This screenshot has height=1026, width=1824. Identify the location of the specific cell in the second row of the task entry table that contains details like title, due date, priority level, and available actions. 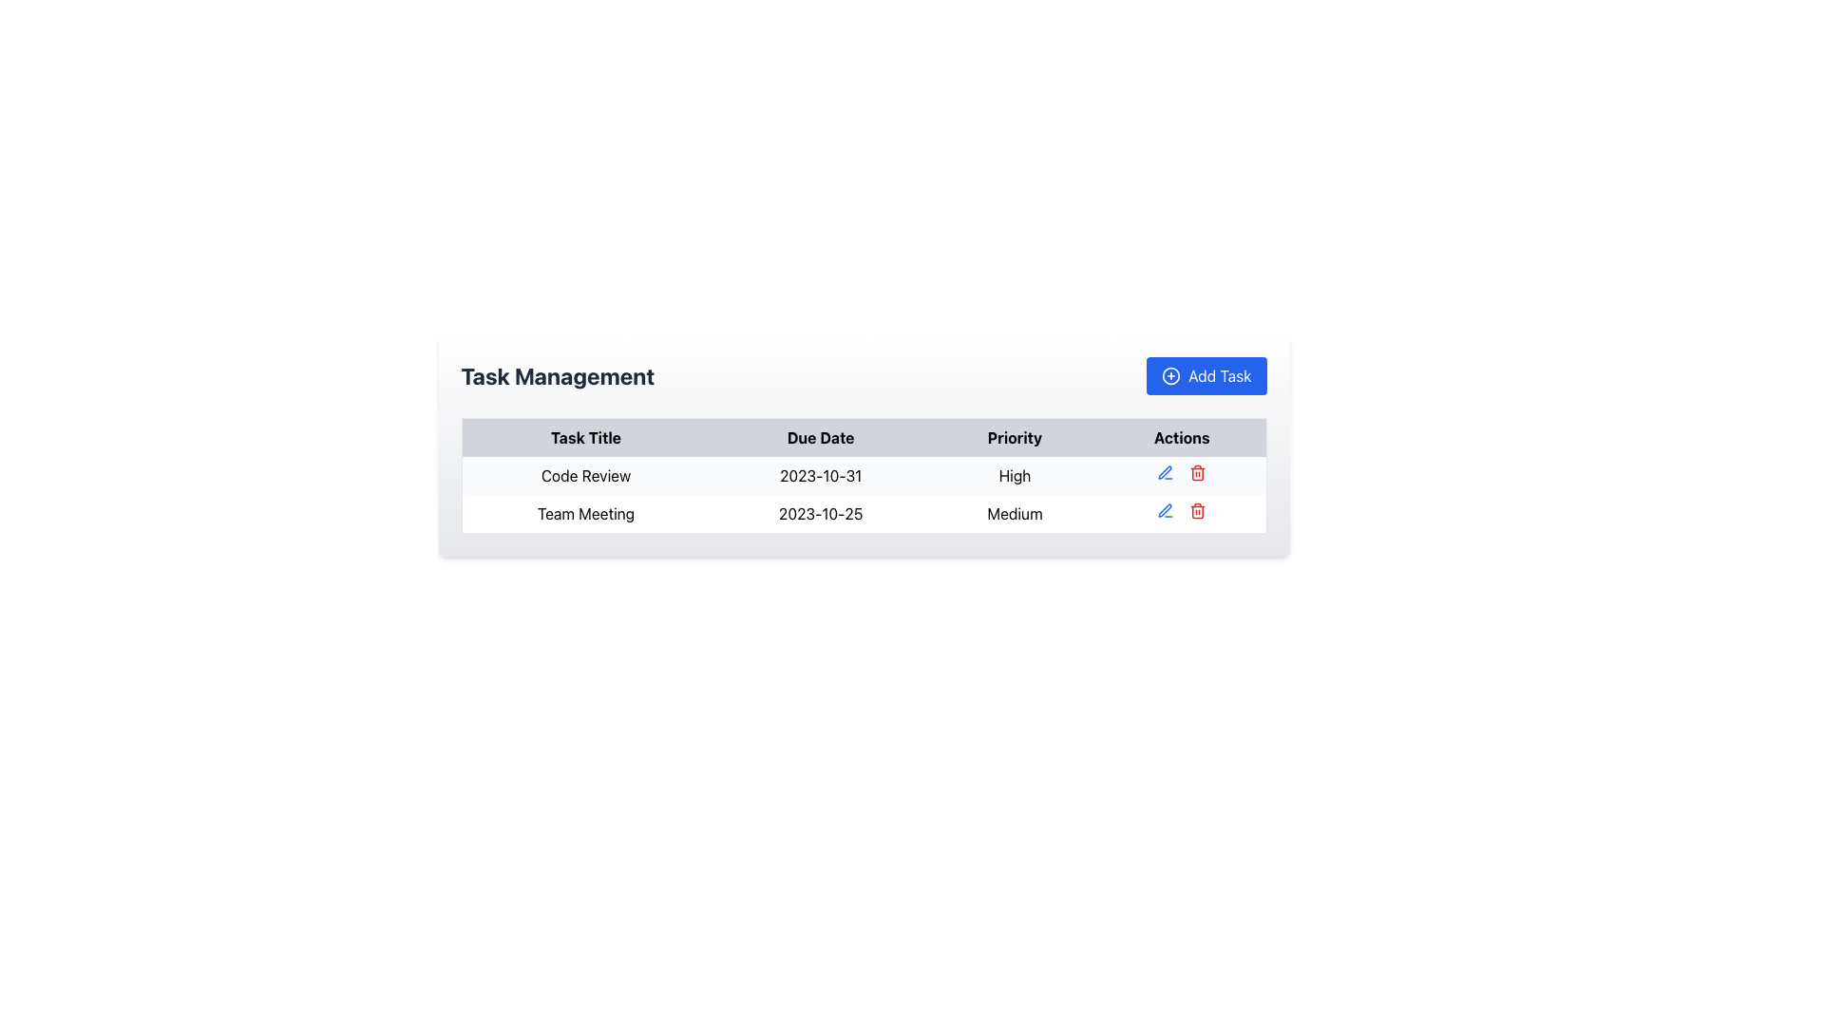
(863, 494).